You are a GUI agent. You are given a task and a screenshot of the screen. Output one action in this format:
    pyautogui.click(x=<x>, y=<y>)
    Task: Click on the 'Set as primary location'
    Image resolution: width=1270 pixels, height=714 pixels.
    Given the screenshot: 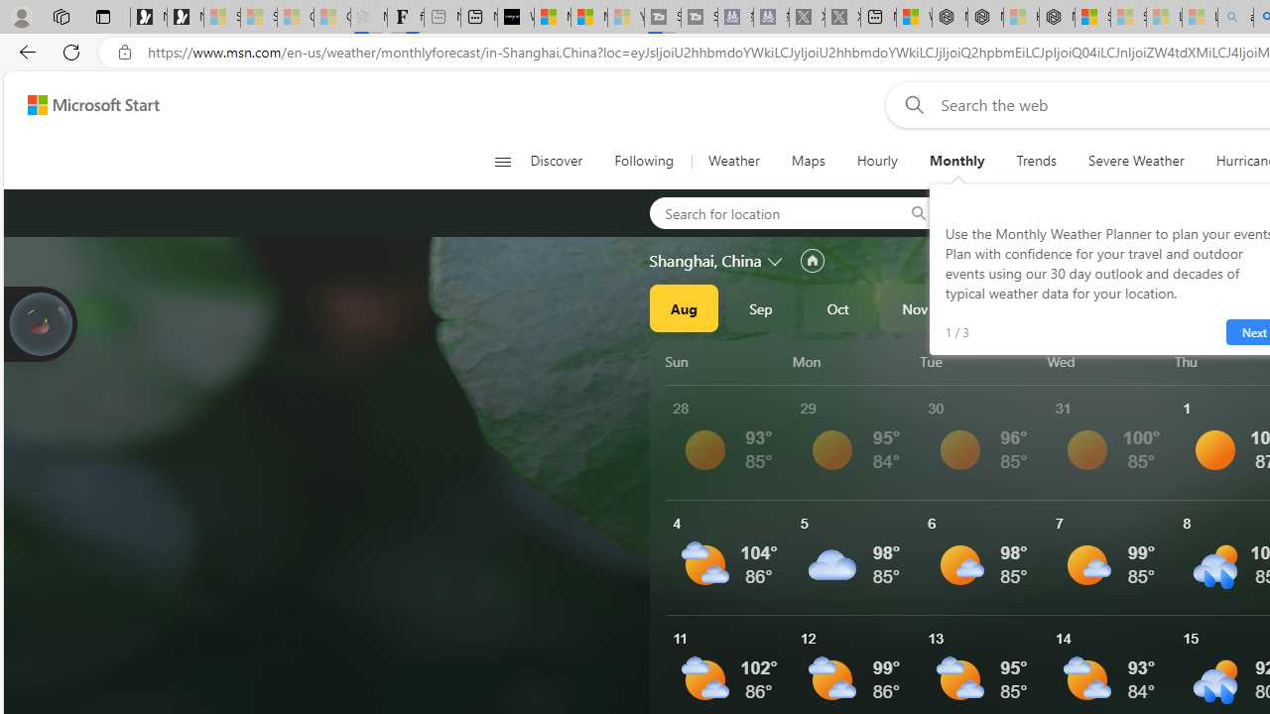 What is the action you would take?
    pyautogui.click(x=812, y=260)
    